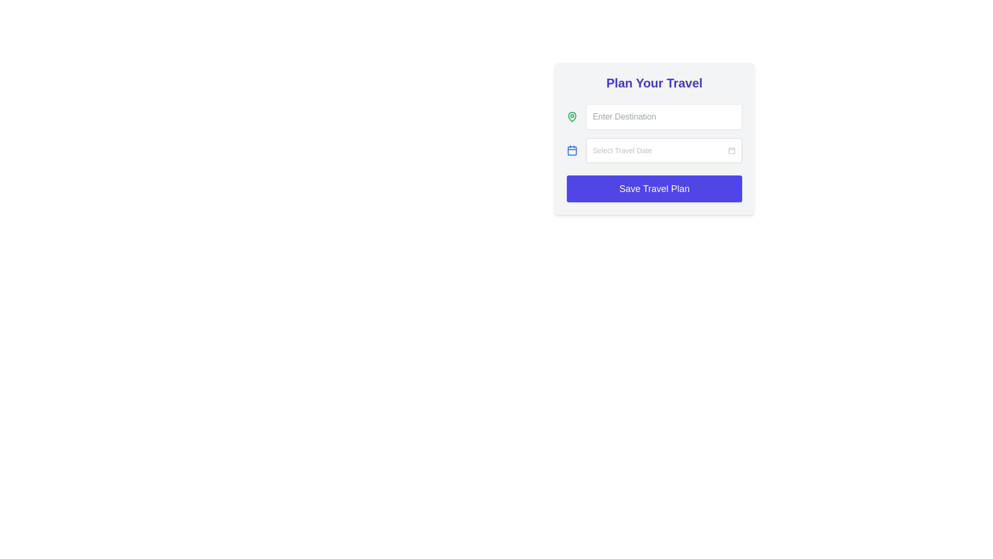  What do you see at coordinates (654, 150) in the screenshot?
I see `the Date picker input field located in the second row of the 'Plan Your Travel' panel` at bounding box center [654, 150].